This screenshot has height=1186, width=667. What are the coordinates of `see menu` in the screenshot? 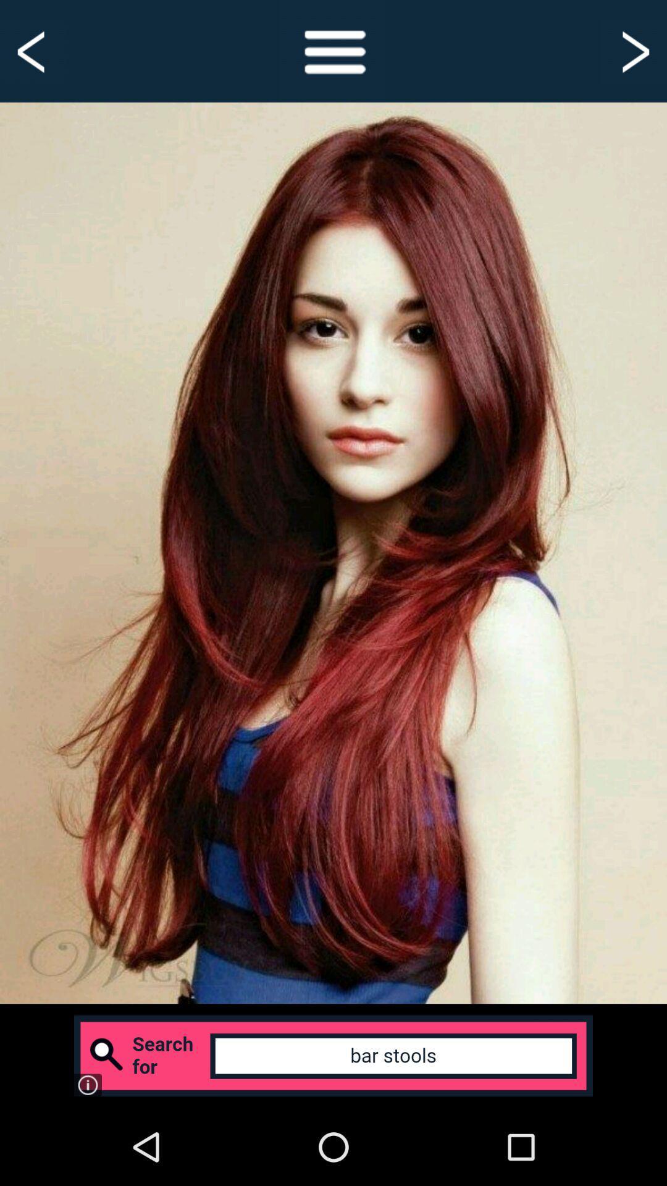 It's located at (333, 50).